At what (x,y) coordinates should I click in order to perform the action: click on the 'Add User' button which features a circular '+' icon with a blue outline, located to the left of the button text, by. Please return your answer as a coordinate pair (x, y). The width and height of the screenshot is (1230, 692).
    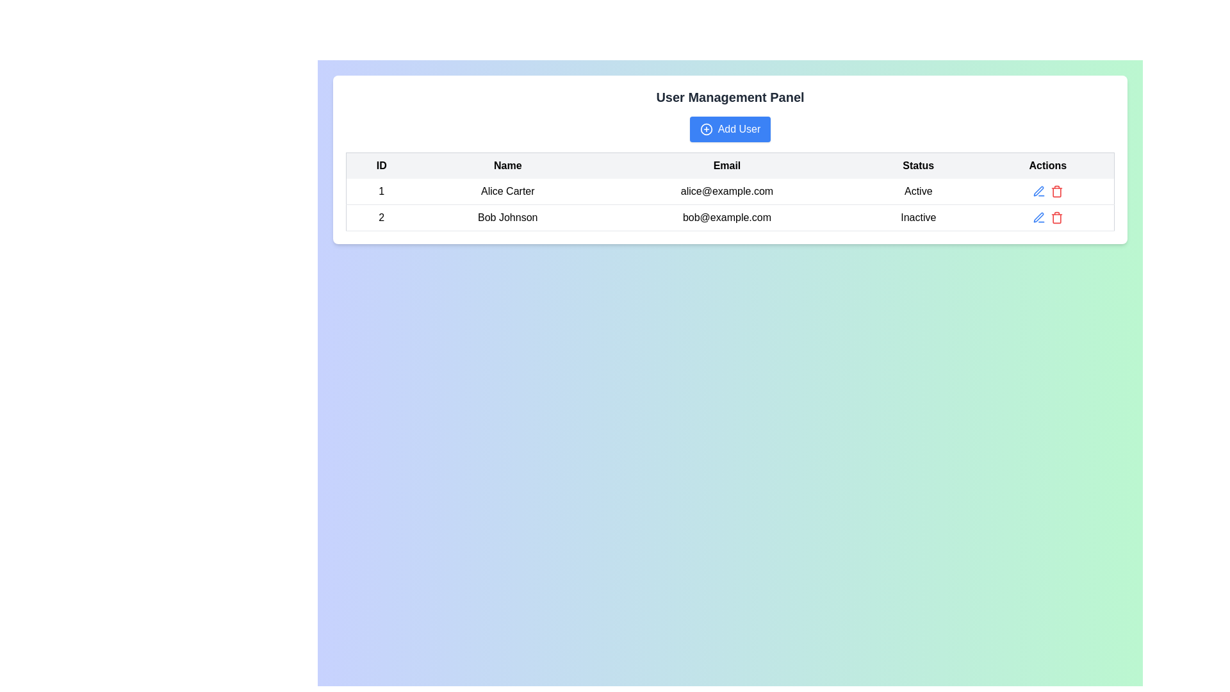
    Looking at the image, I should click on (705, 129).